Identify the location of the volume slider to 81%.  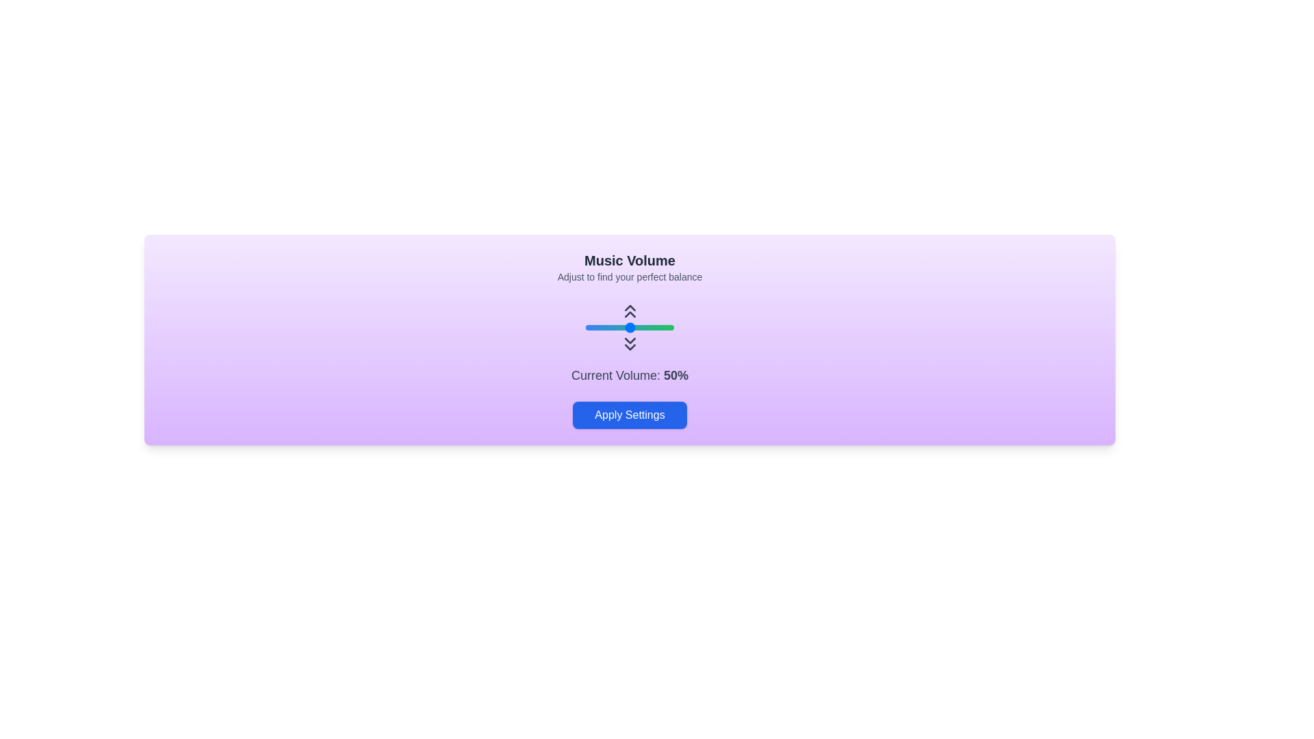
(657, 327).